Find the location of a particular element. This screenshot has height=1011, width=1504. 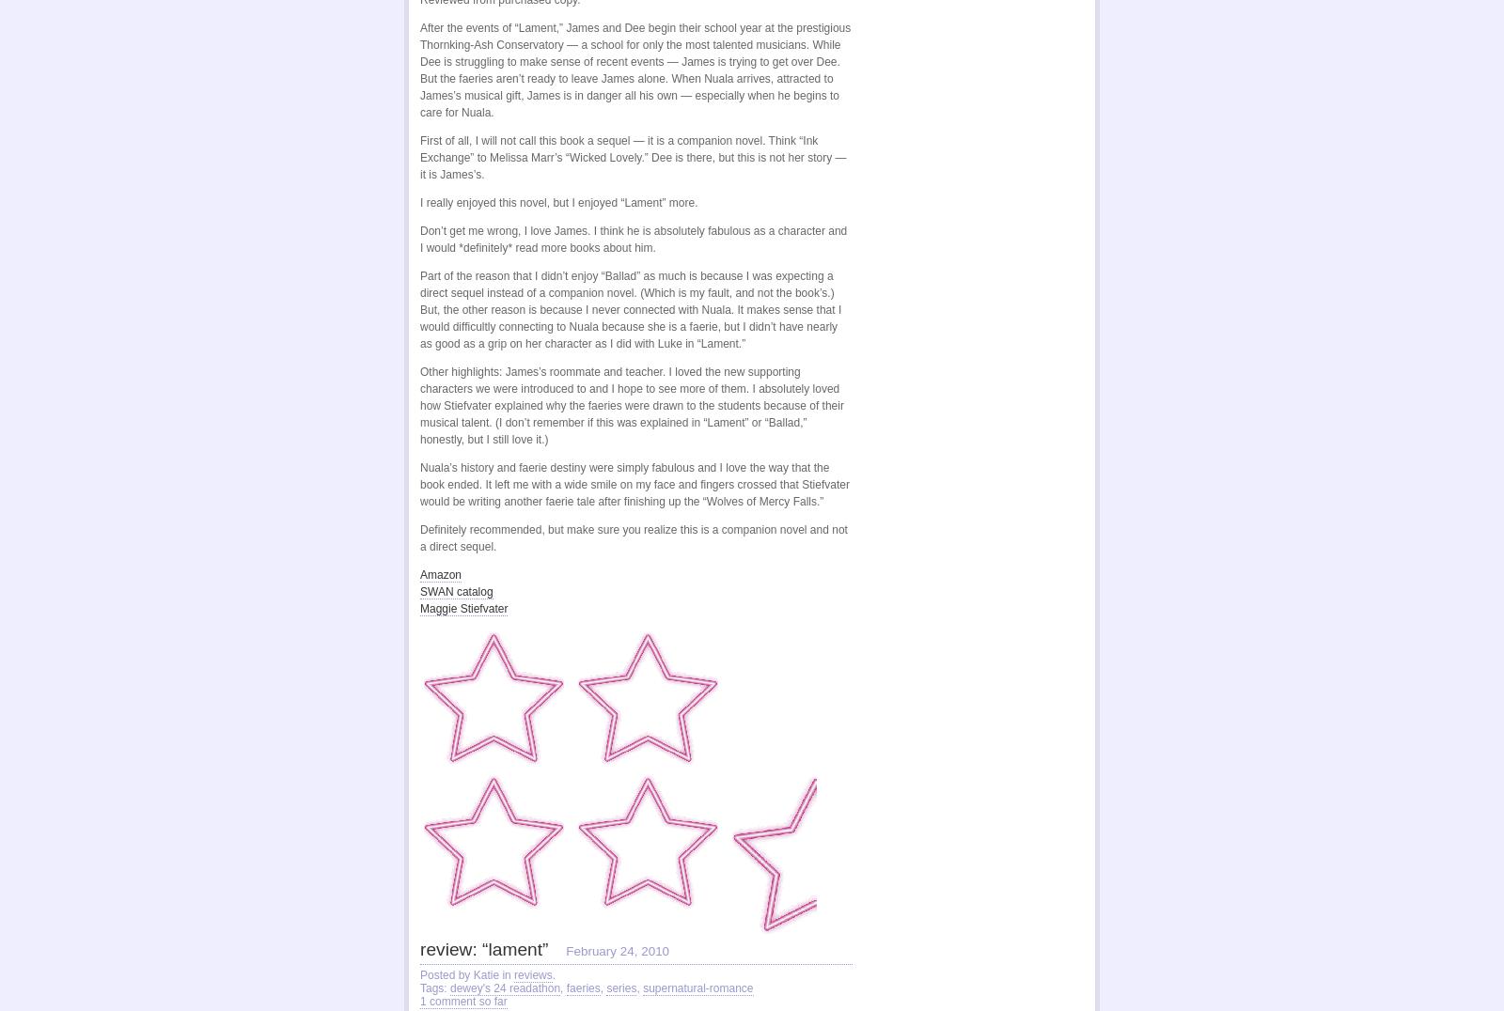

'Nuala’s history and faerie destiny were simply fabulous and I love the way that the book ended. It left me with a wide smile on my face and fingers crossed that Stiefvater would be writing another faerie tale after finishing up the “Wolves of Mercy Falls.”' is located at coordinates (634, 483).